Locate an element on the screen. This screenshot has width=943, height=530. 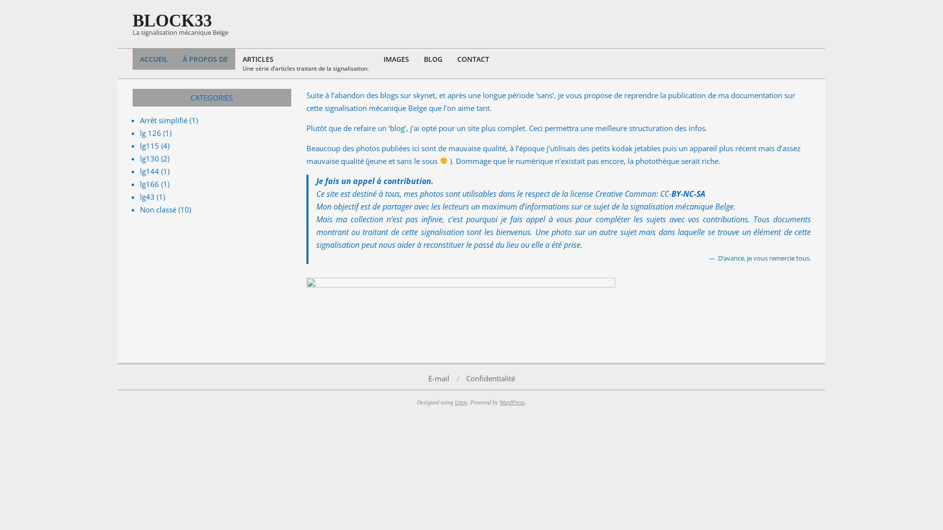
'ACCUEIL' is located at coordinates (153, 59).